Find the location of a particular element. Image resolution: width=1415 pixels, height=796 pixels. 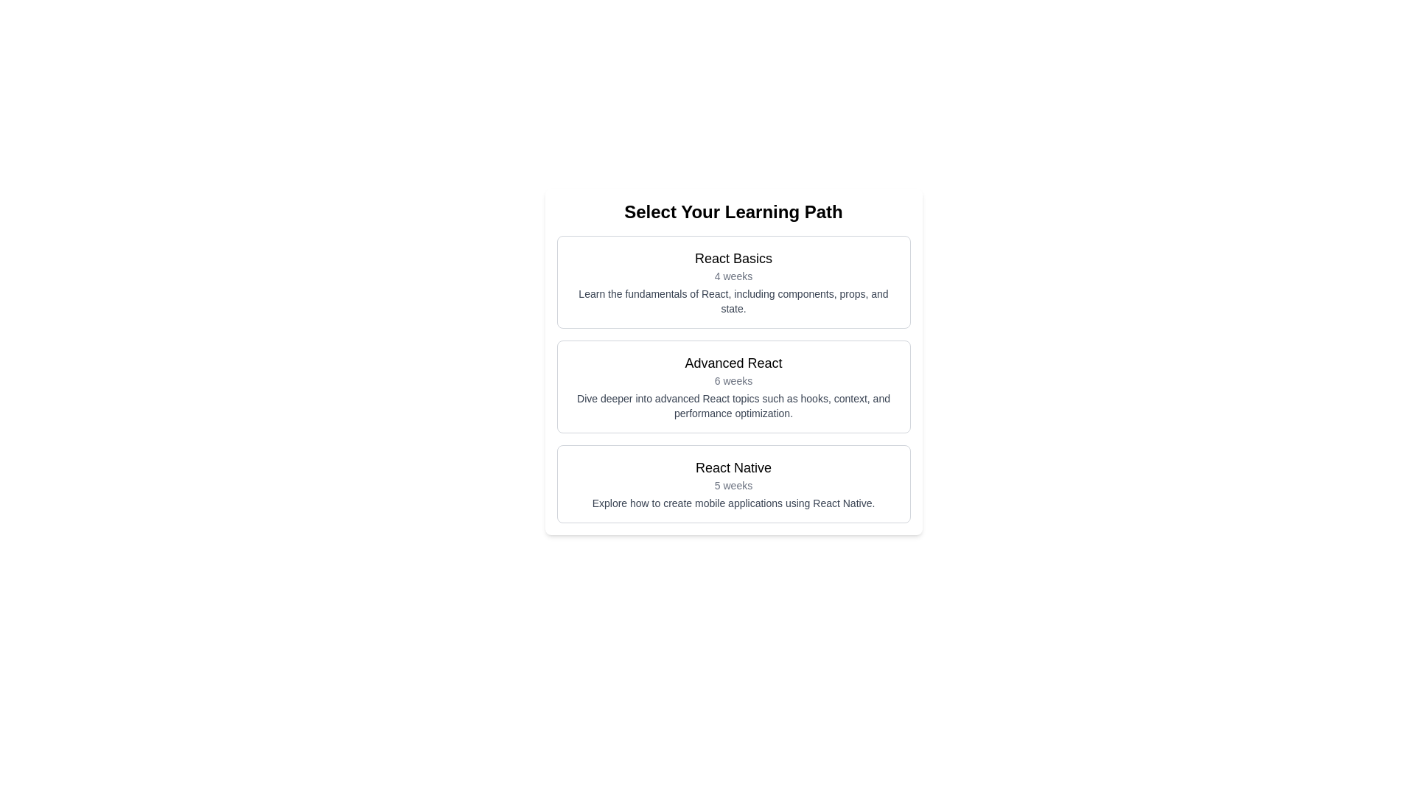

the text label displaying '4 weeks' which is positioned below the title 'React Basics' and above the course description is located at coordinates (733, 276).